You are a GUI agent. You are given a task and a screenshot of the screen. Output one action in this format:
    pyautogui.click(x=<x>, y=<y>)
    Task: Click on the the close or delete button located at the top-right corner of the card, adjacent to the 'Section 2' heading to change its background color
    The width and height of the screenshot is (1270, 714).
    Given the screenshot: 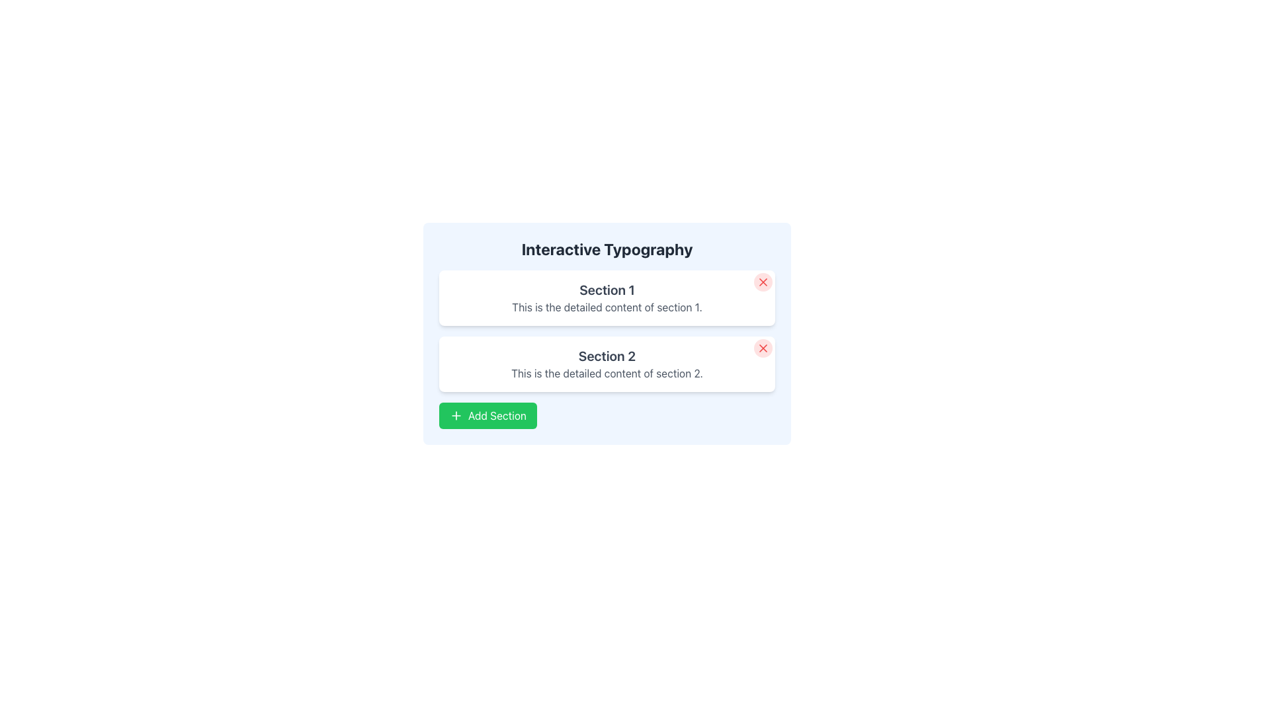 What is the action you would take?
    pyautogui.click(x=763, y=348)
    